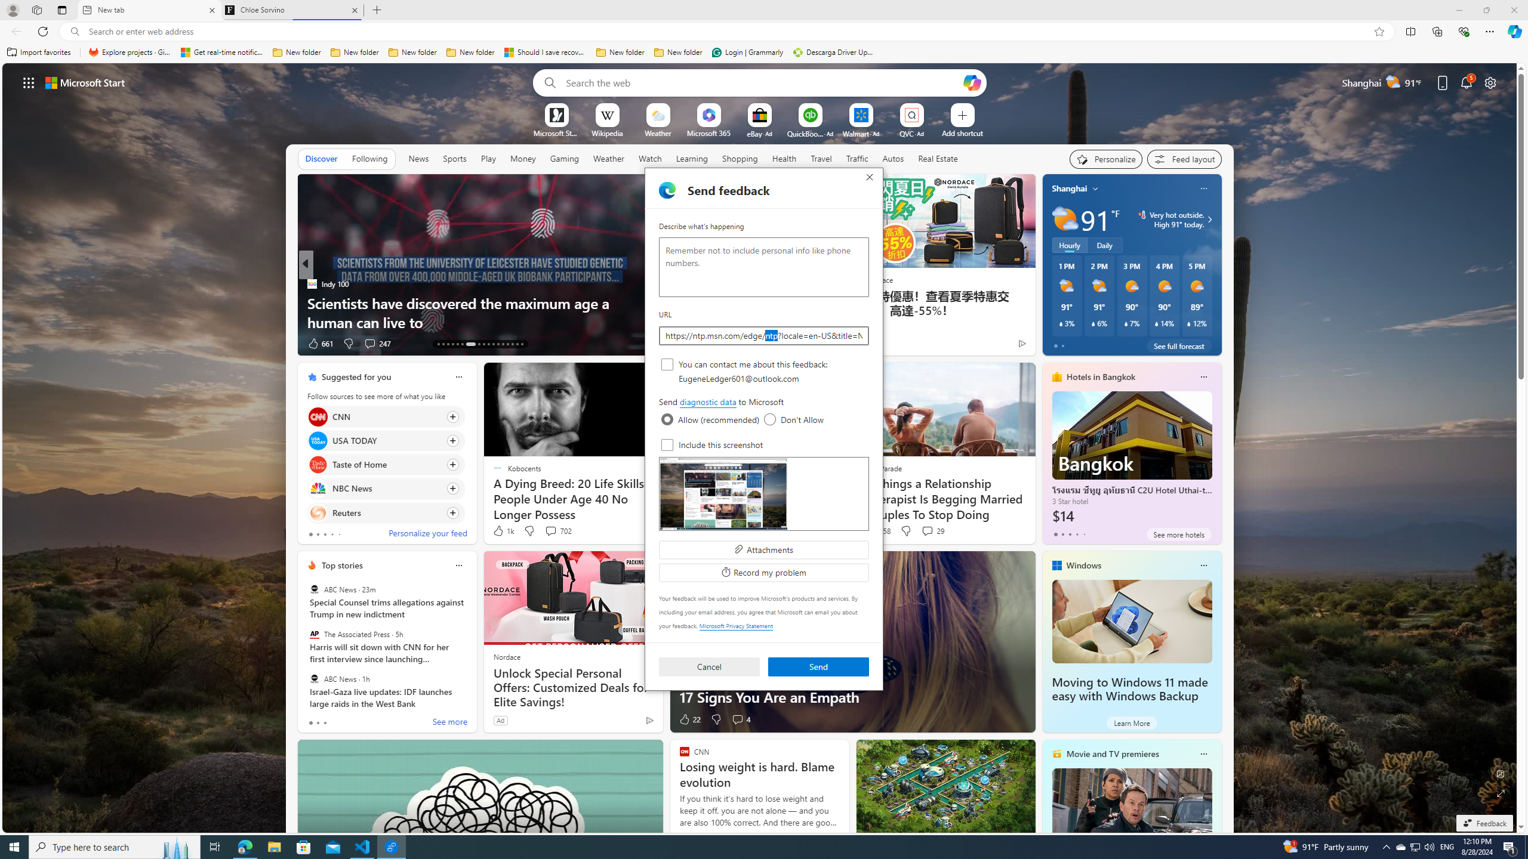 The width and height of the screenshot is (1528, 859). Describe the element at coordinates (747, 52) in the screenshot. I see `'Login | Grammarly'` at that location.